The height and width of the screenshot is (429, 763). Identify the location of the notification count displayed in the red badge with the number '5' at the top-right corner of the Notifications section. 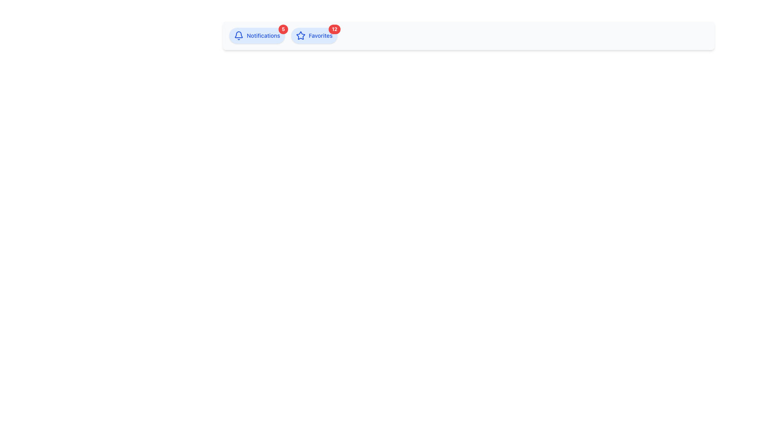
(283, 29).